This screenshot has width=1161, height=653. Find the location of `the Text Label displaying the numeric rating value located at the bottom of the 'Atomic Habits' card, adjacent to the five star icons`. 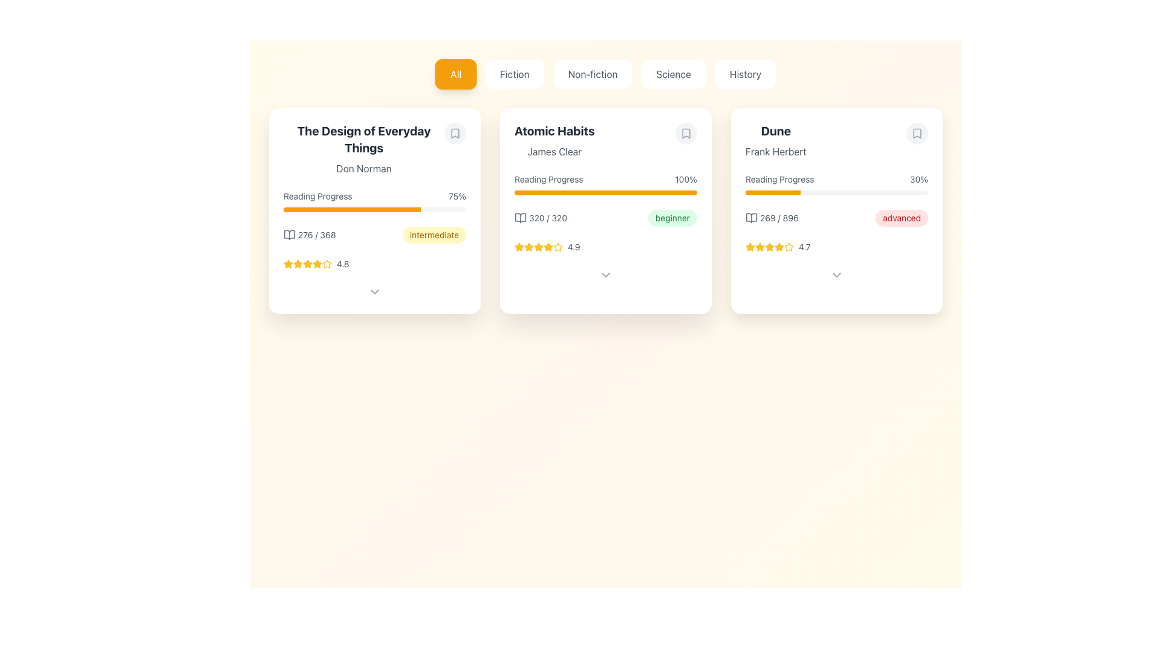

the Text Label displaying the numeric rating value located at the bottom of the 'Atomic Habits' card, adjacent to the five star icons is located at coordinates (573, 246).